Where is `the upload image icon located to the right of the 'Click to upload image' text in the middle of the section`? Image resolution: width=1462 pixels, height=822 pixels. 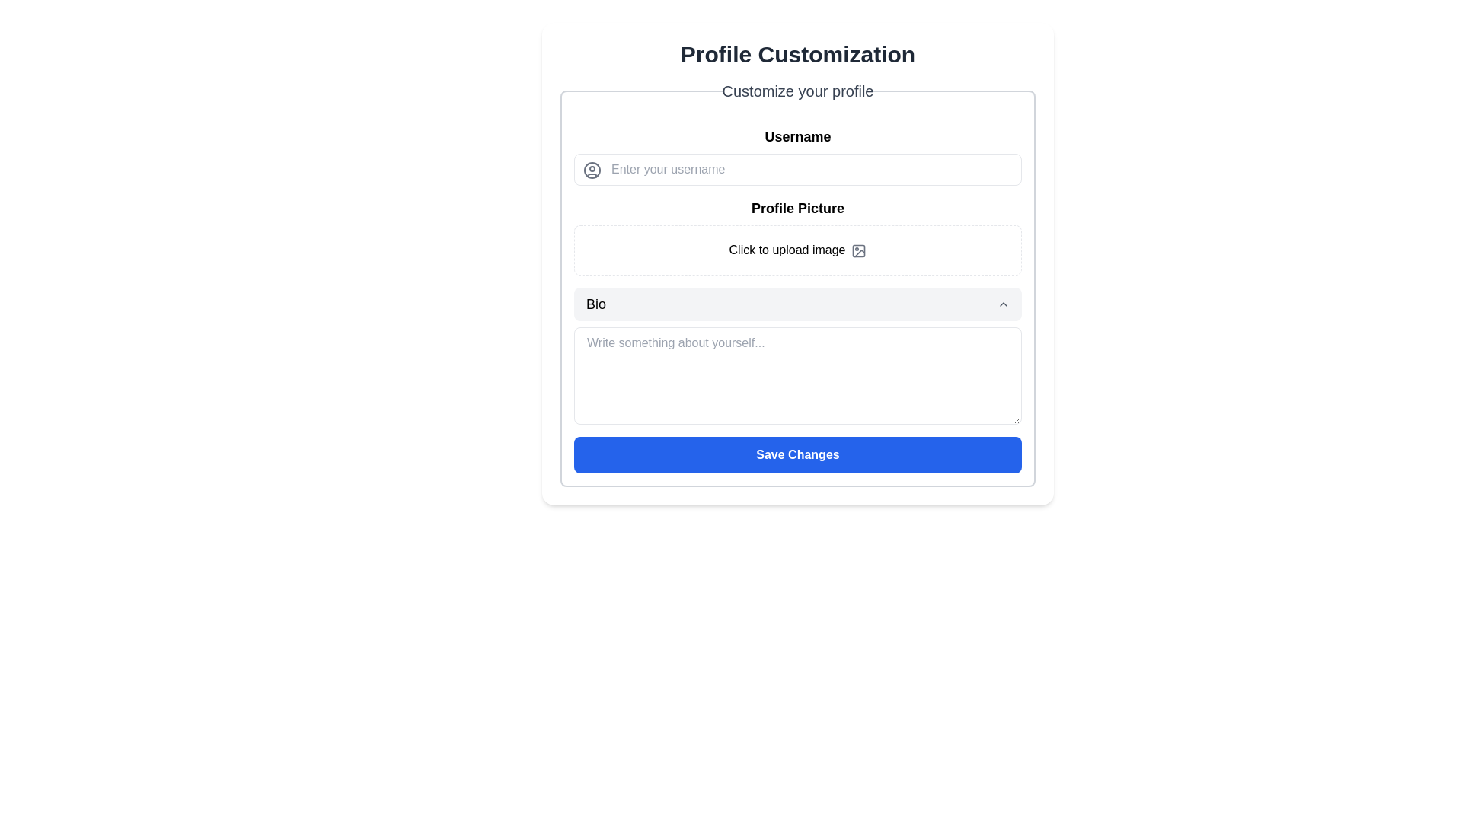
the upload image icon located to the right of the 'Click to upload image' text in the middle of the section is located at coordinates (859, 250).